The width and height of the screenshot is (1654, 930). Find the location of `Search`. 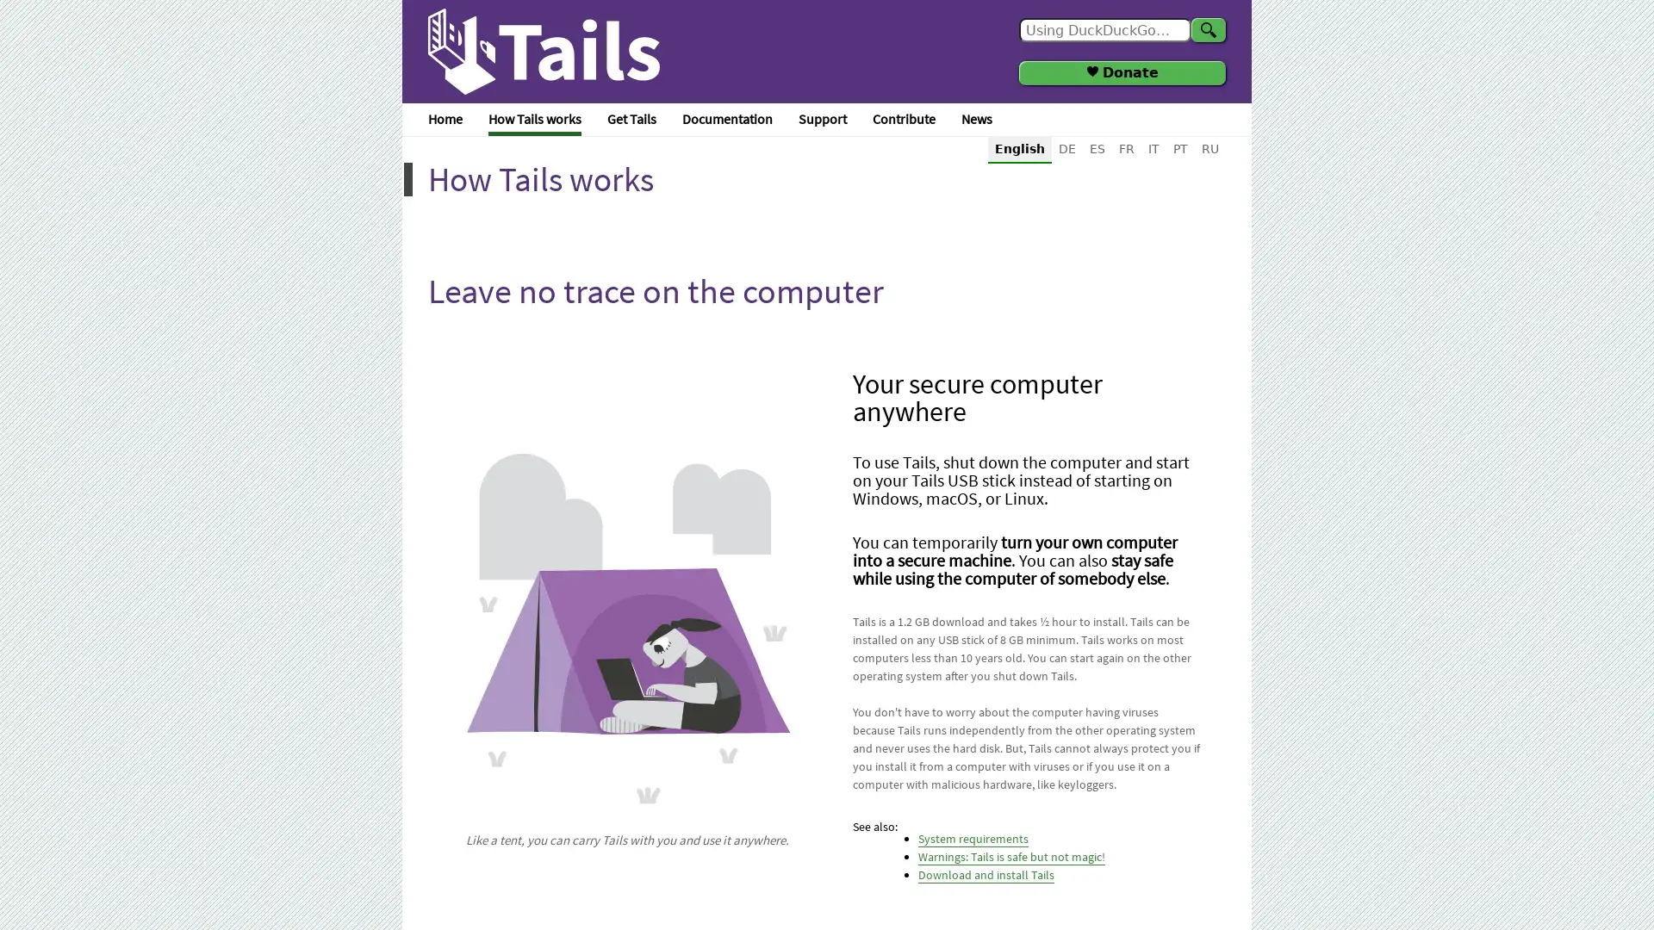

Search is located at coordinates (1207, 29).